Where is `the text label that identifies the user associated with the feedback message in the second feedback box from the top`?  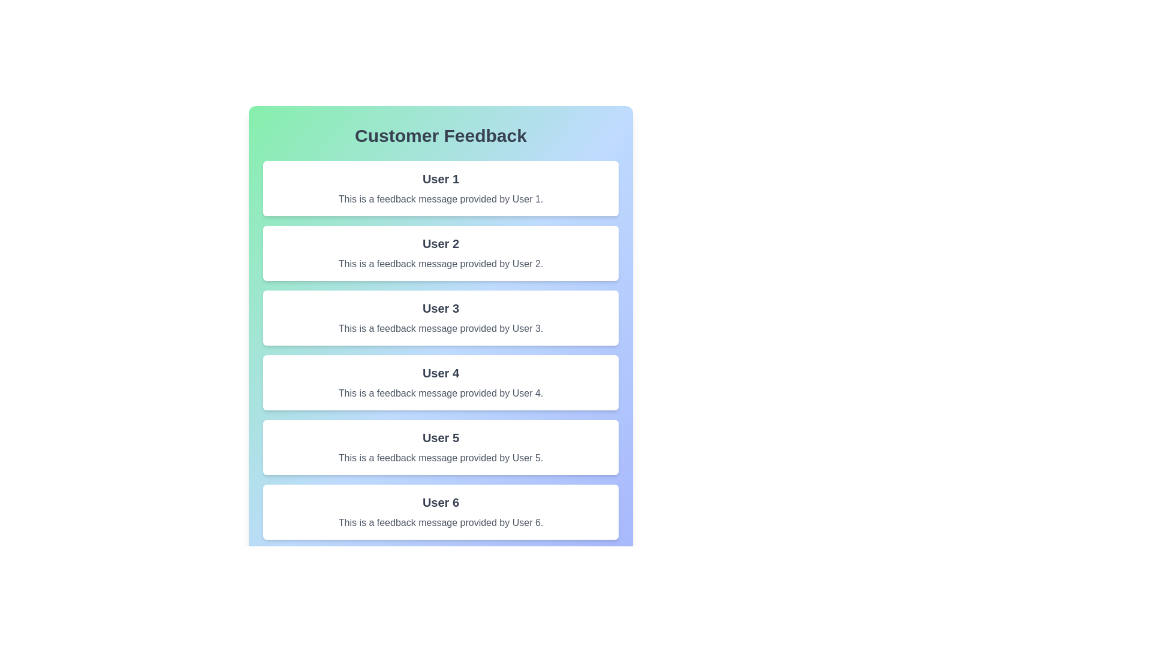
the text label that identifies the user associated with the feedback message in the second feedback box from the top is located at coordinates (440, 243).